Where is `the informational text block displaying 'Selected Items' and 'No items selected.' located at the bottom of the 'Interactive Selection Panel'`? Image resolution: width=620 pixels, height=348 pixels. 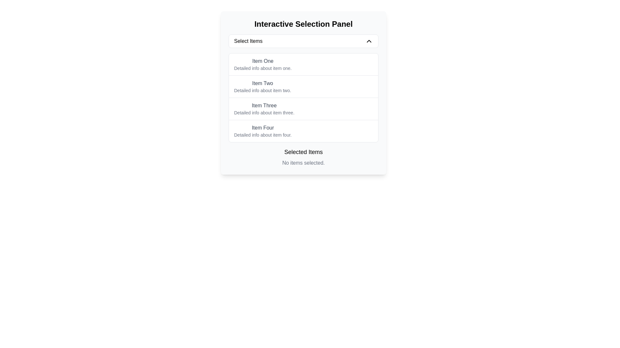
the informational text block displaying 'Selected Items' and 'No items selected.' located at the bottom of the 'Interactive Selection Panel' is located at coordinates (303, 157).